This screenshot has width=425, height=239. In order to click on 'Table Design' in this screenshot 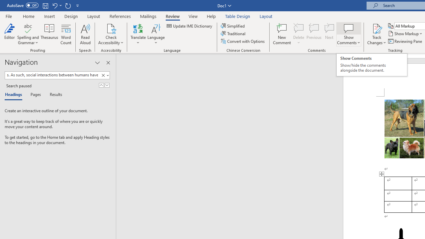, I will do `click(238, 16)`.